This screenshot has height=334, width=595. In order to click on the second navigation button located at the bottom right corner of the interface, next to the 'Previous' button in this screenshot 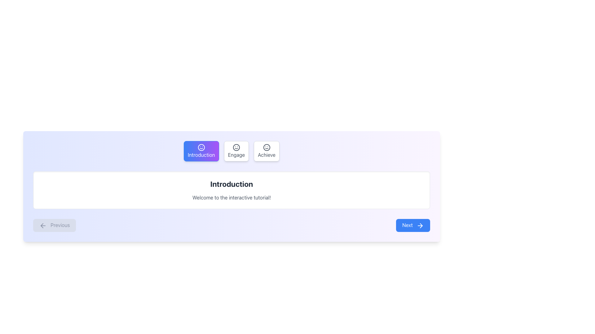, I will do `click(413, 225)`.